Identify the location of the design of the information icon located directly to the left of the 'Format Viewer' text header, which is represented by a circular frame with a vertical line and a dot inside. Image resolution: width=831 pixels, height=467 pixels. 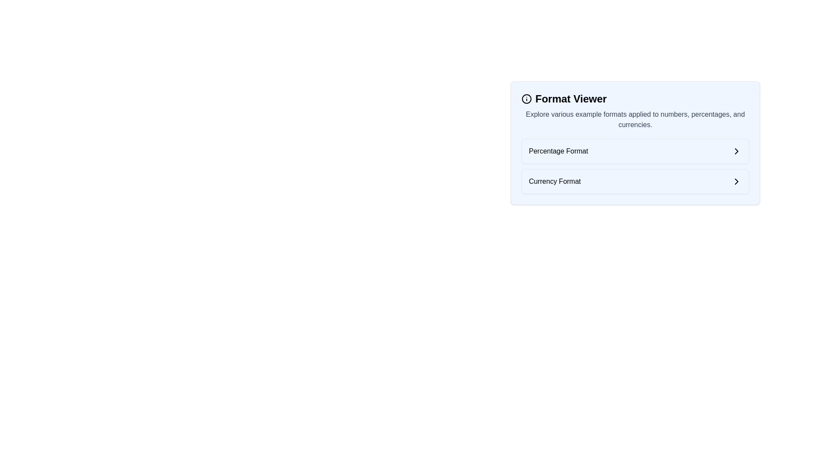
(526, 98).